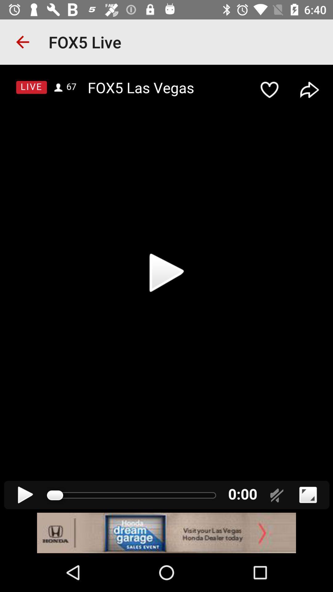  What do you see at coordinates (166, 288) in the screenshot?
I see `video` at bounding box center [166, 288].